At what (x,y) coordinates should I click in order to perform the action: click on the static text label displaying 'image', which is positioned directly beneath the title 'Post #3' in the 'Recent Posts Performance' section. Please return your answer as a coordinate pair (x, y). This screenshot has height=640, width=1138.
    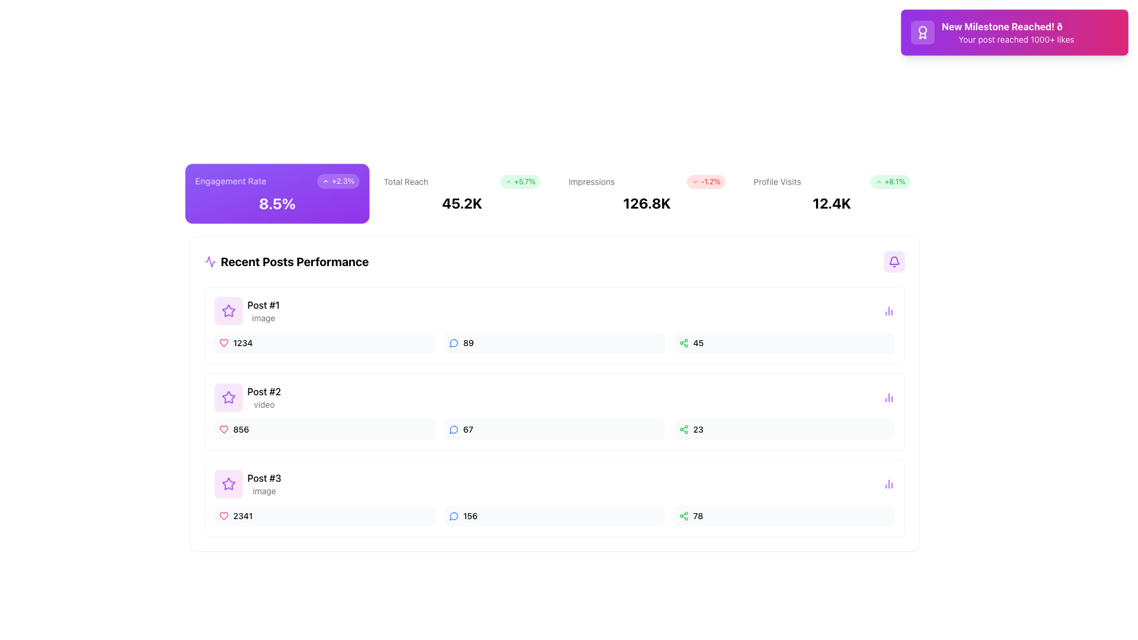
    Looking at the image, I should click on (264, 491).